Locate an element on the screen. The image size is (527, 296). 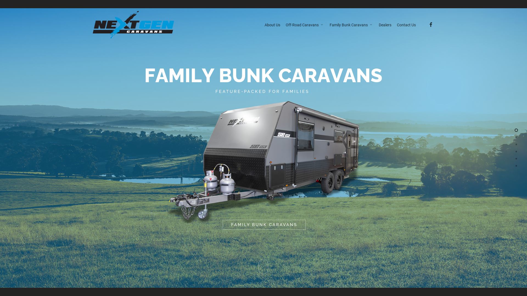
'facebook' is located at coordinates (430, 24).